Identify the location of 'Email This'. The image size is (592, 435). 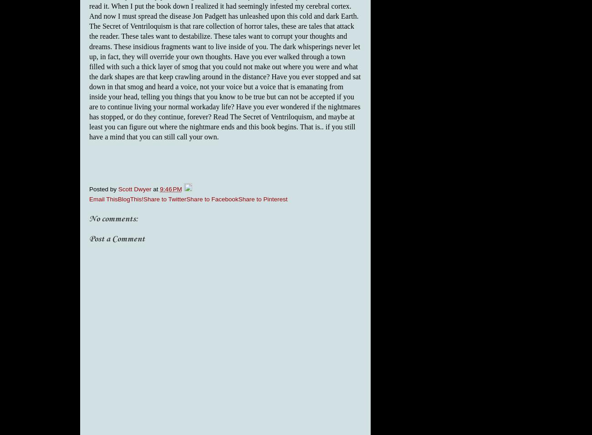
(102, 198).